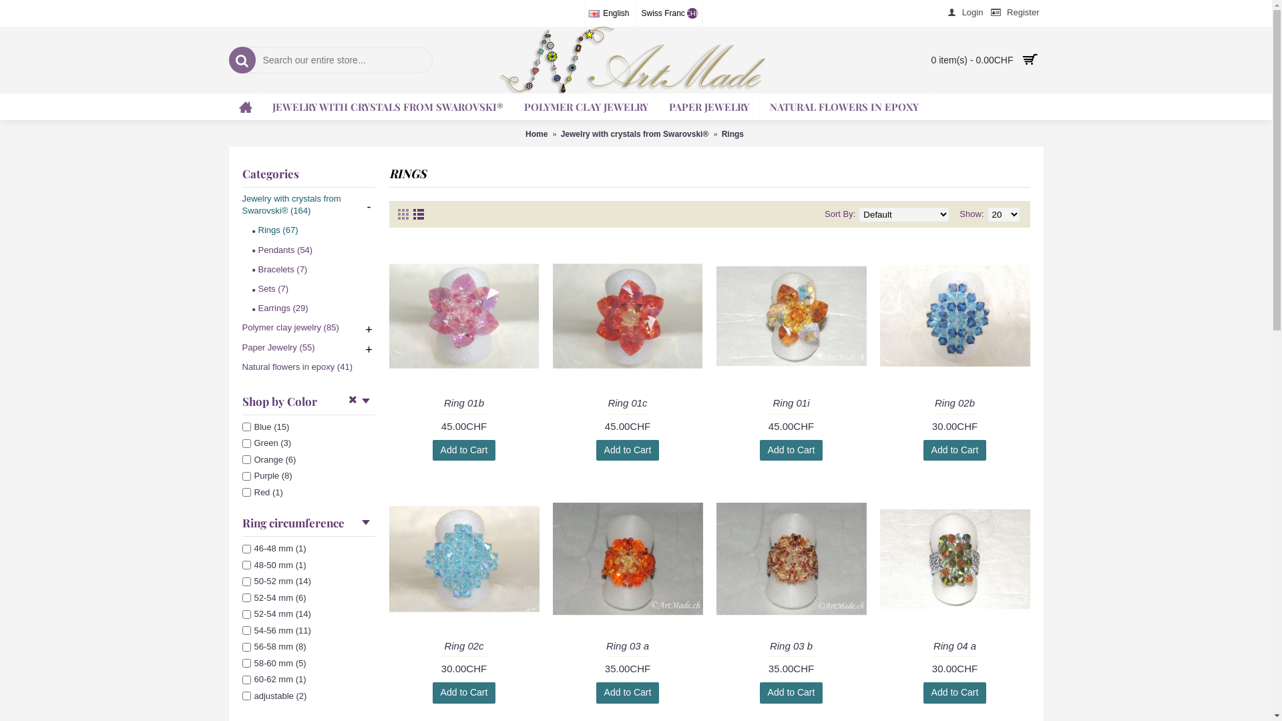 This screenshot has width=1282, height=721. Describe the element at coordinates (595, 449) in the screenshot. I see `'Add to Cart'` at that location.